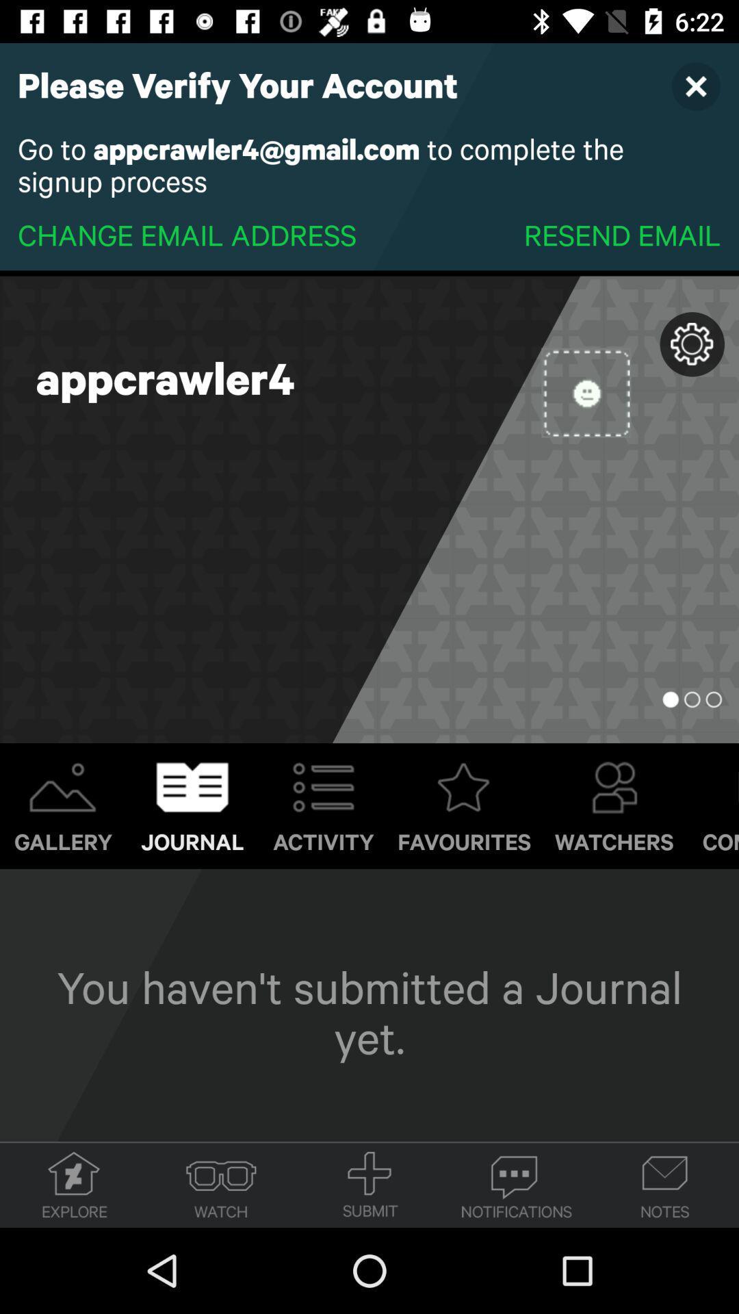  I want to click on change email address, so click(187, 234).